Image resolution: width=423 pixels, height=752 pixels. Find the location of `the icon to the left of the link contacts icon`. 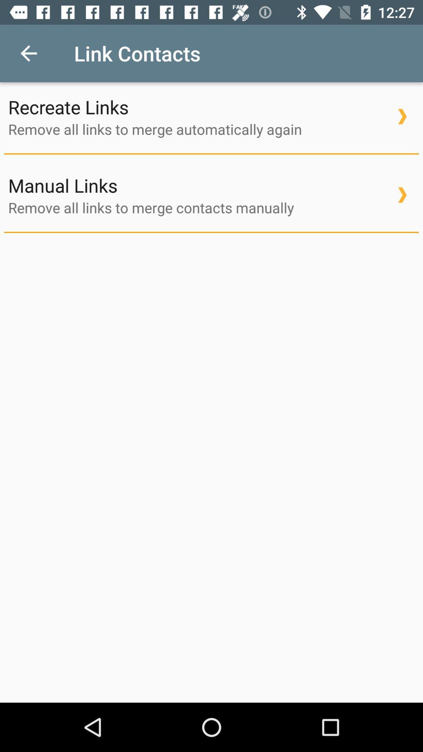

the icon to the left of the link contacts icon is located at coordinates (28, 53).